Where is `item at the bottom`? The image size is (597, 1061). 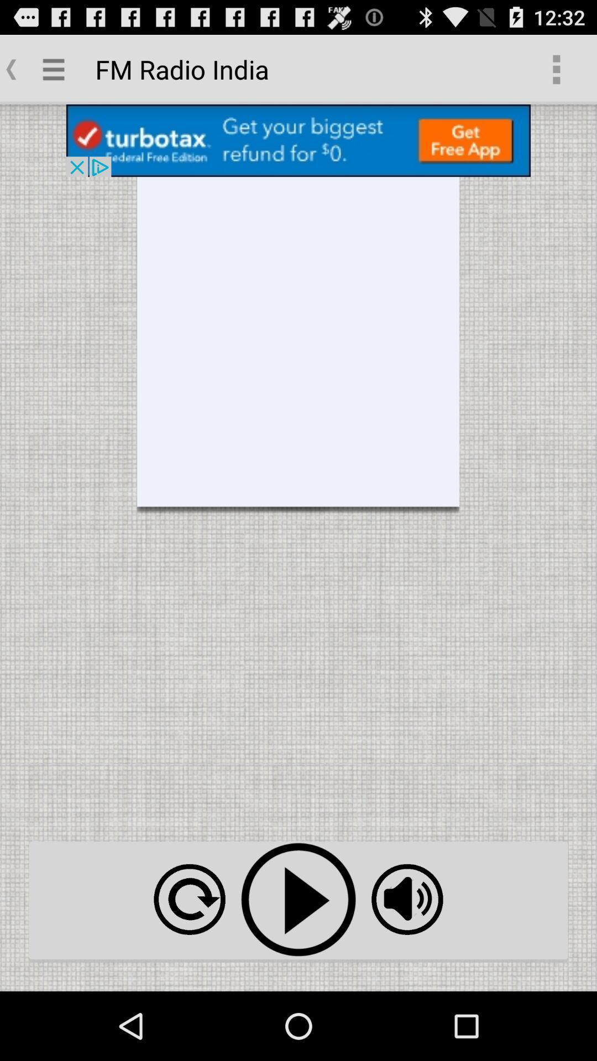
item at the bottom is located at coordinates (298, 900).